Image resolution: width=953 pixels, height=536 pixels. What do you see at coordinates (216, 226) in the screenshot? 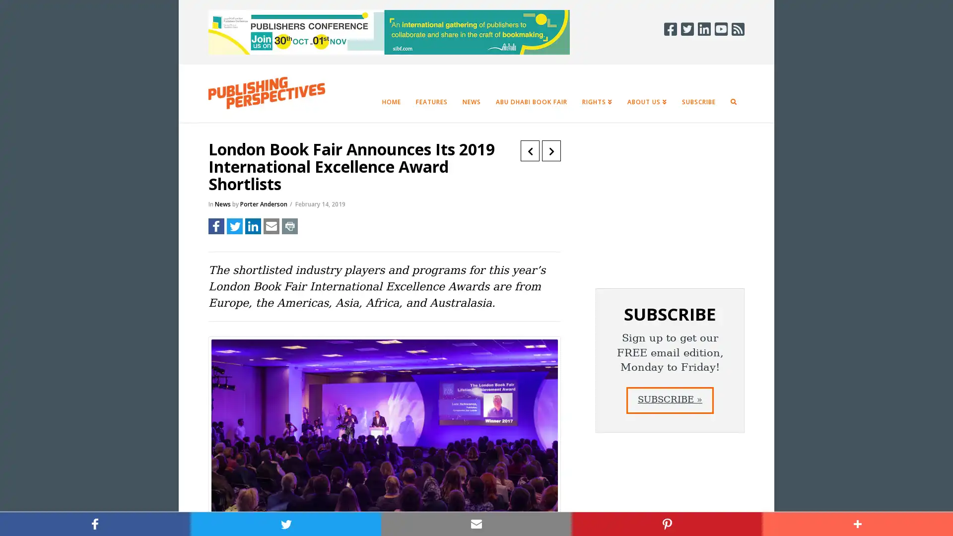
I see `Share to Facebook` at bounding box center [216, 226].